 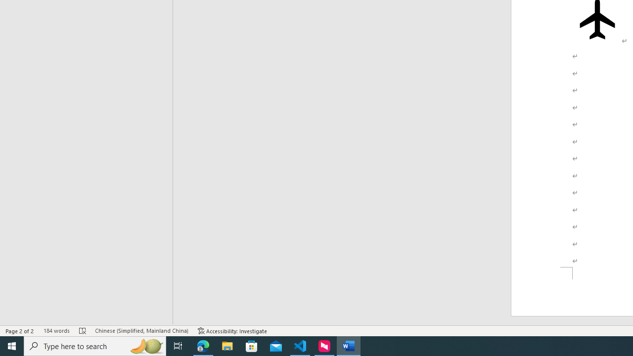 I want to click on 'Language Chinese (Simplified, Mainland China)', so click(x=141, y=331).